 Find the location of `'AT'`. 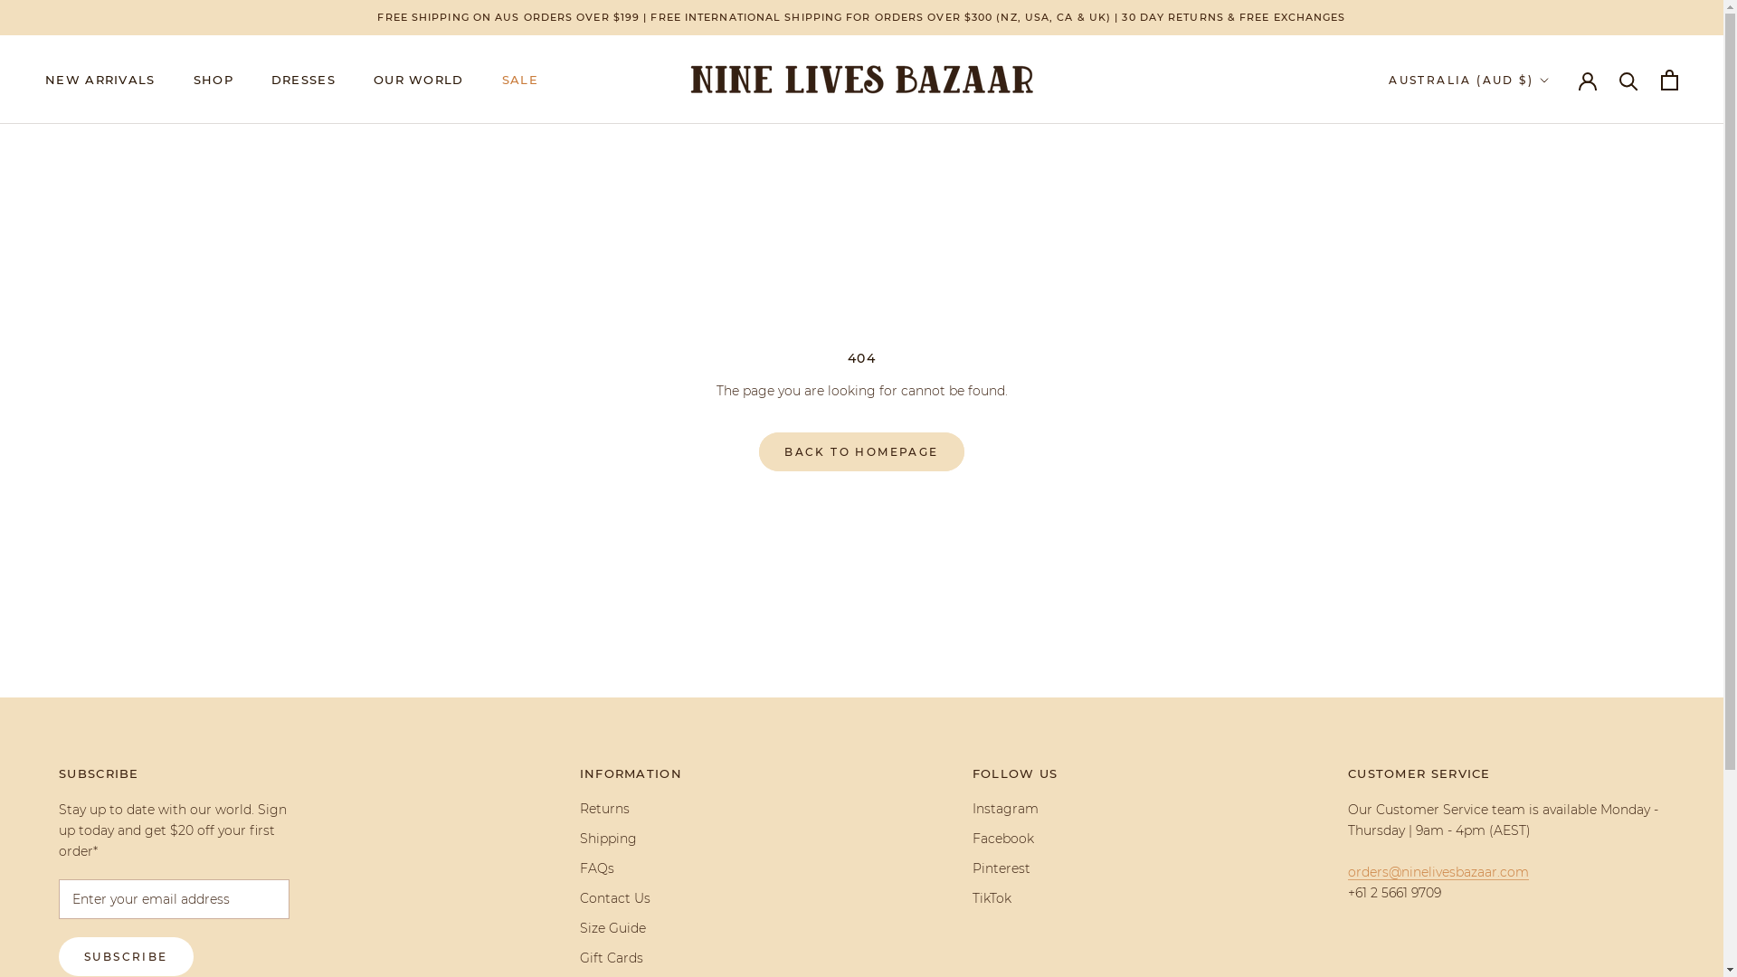

'AT' is located at coordinates (1533, 168).